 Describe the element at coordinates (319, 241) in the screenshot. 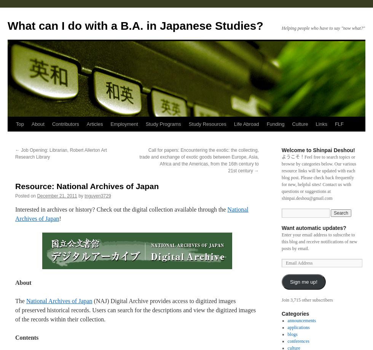

I see `'Enter your email address to subscribe to this blog and receive notifications of new posts by email.'` at that location.